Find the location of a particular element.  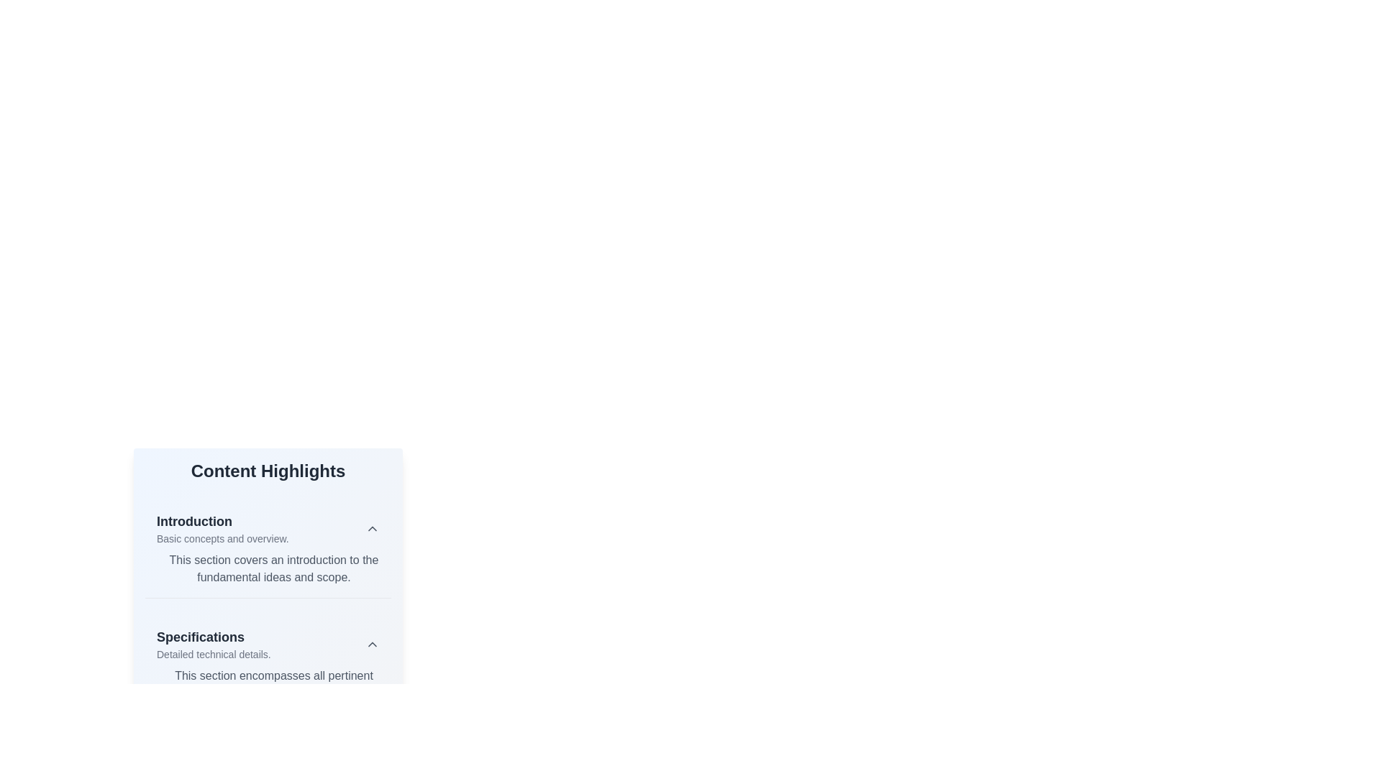

the text component titled 'Specifications' which contains the description 'Detailed technical details.' aligned to the left in the interface is located at coordinates (213, 644).